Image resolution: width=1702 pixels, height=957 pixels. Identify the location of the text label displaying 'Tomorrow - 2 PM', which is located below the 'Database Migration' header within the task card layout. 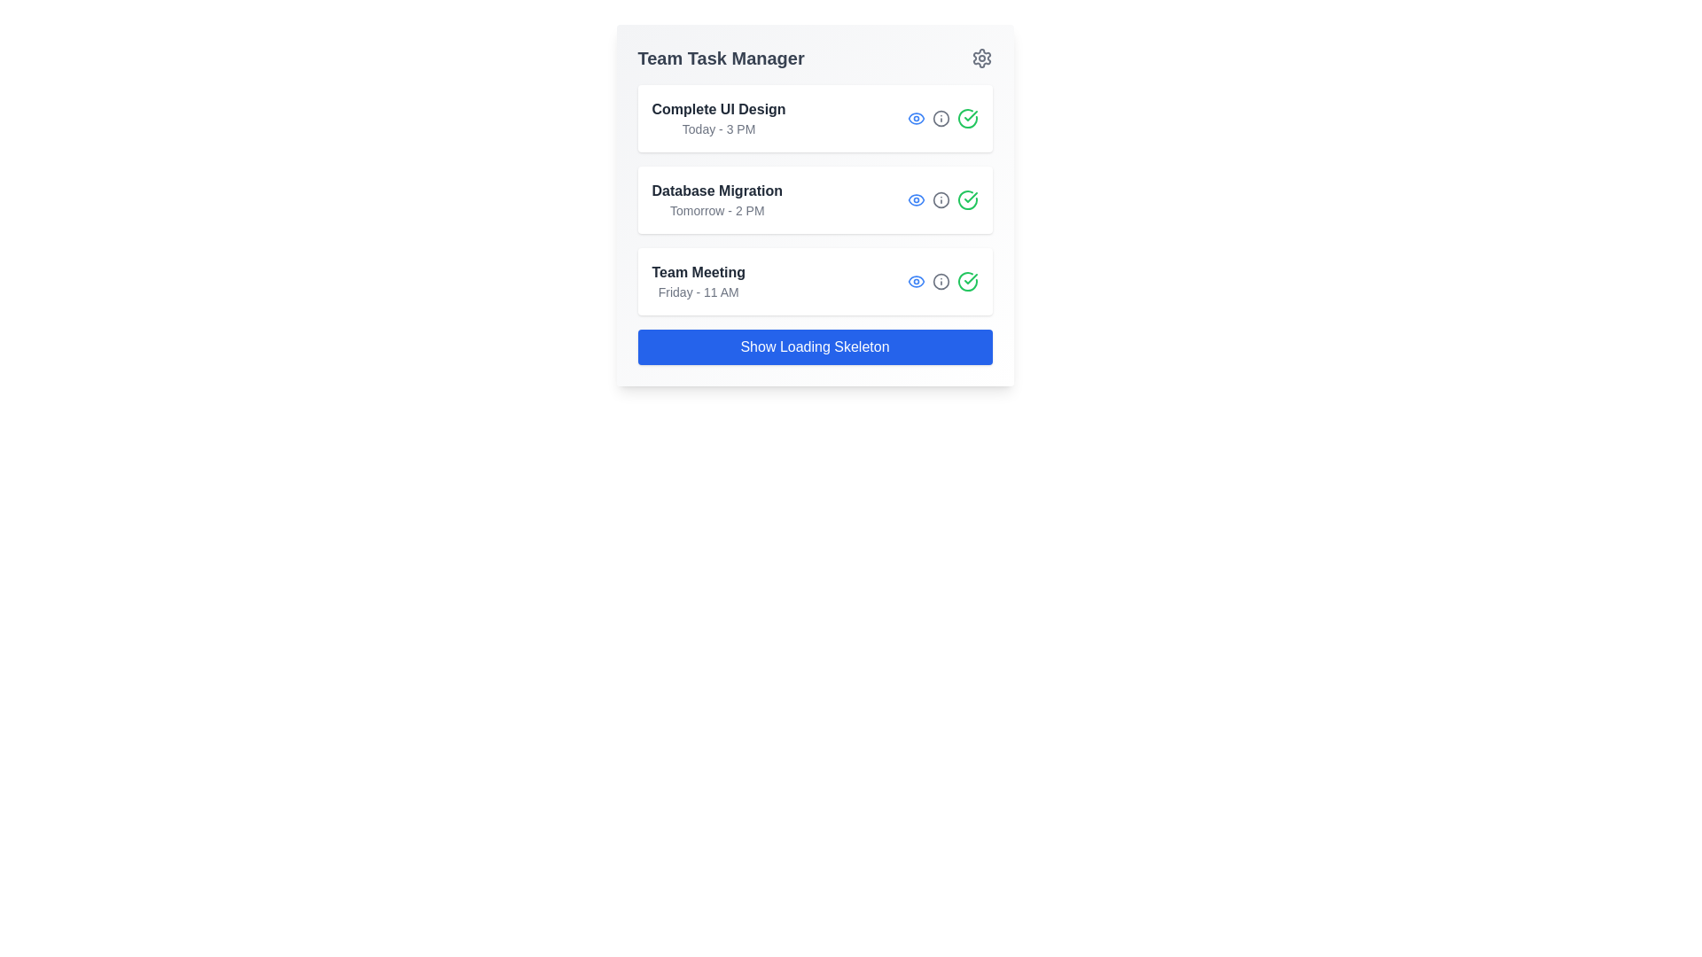
(717, 210).